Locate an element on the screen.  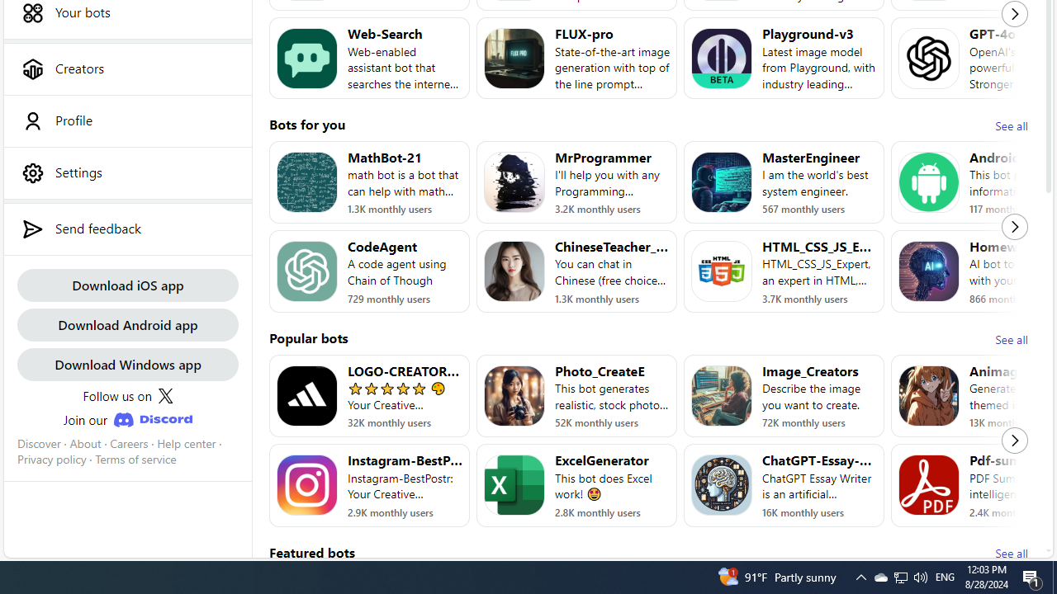
'Send feedback' is located at coordinates (126, 229).